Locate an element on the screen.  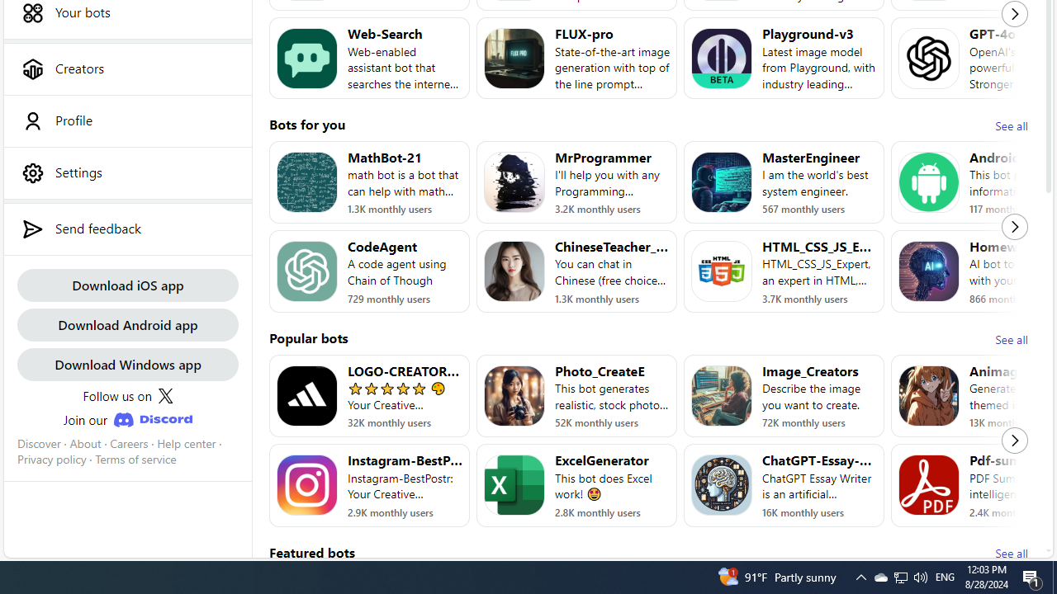
'Send feedback' is located at coordinates (126, 229).